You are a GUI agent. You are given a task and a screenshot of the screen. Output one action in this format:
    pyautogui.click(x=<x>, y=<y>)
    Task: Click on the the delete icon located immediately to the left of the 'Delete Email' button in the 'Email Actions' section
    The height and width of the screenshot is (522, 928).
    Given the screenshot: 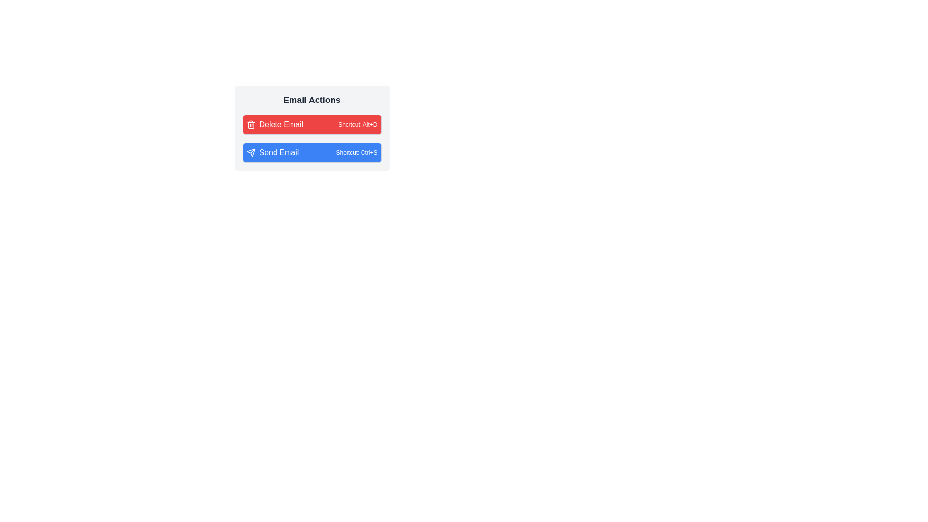 What is the action you would take?
    pyautogui.click(x=251, y=124)
    